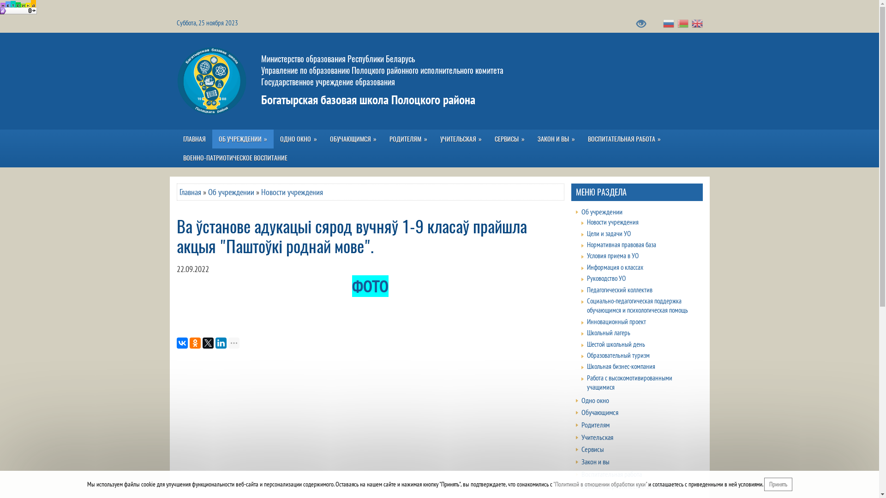  What do you see at coordinates (201, 343) in the screenshot?
I see `'Twitter'` at bounding box center [201, 343].